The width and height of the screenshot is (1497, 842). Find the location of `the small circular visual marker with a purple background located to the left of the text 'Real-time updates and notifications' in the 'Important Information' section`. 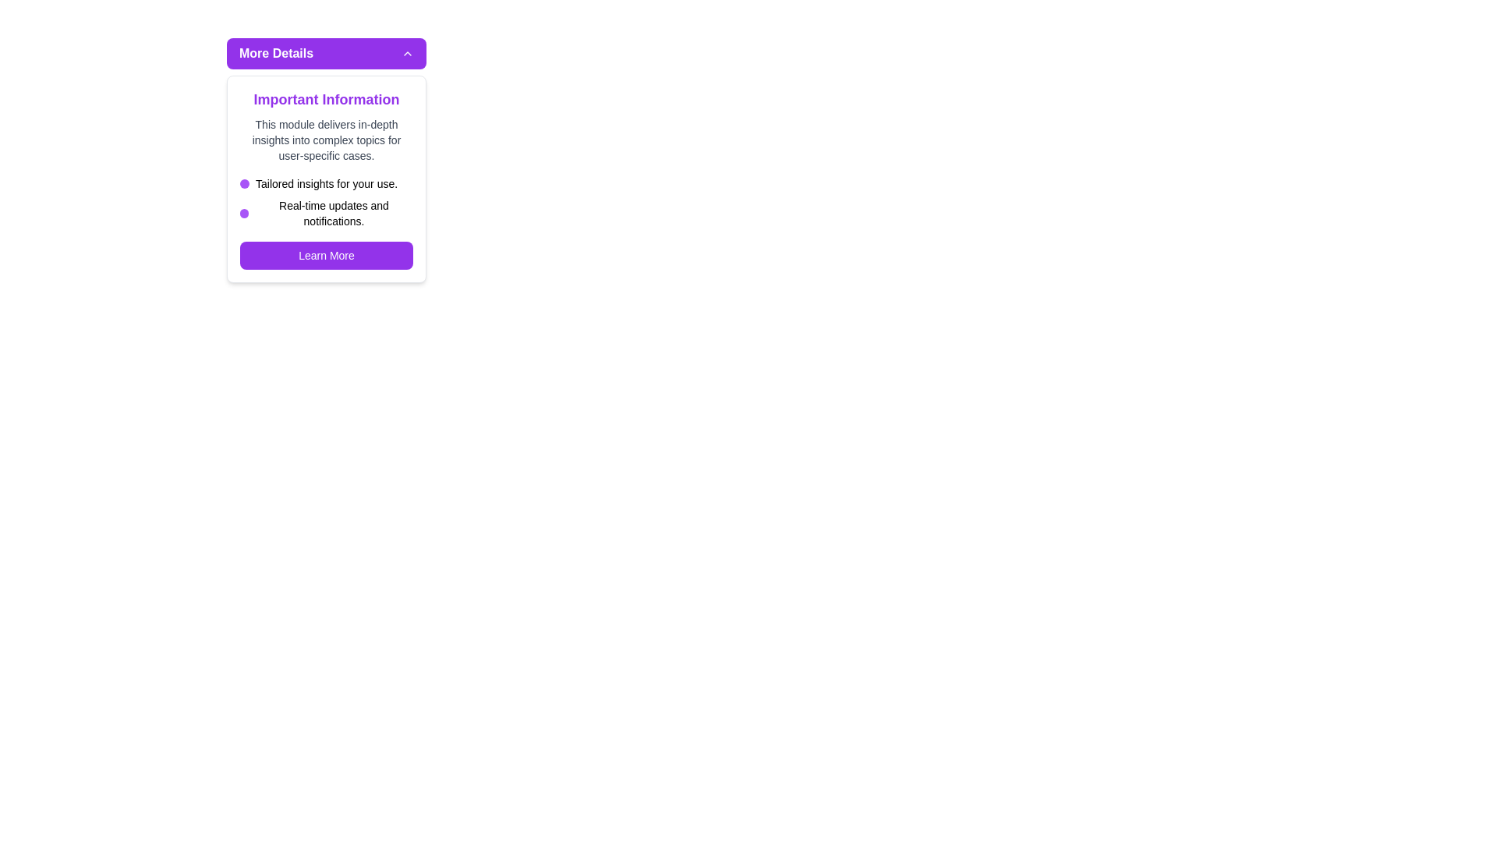

the small circular visual marker with a purple background located to the left of the text 'Real-time updates and notifications' in the 'Important Information' section is located at coordinates (243, 213).